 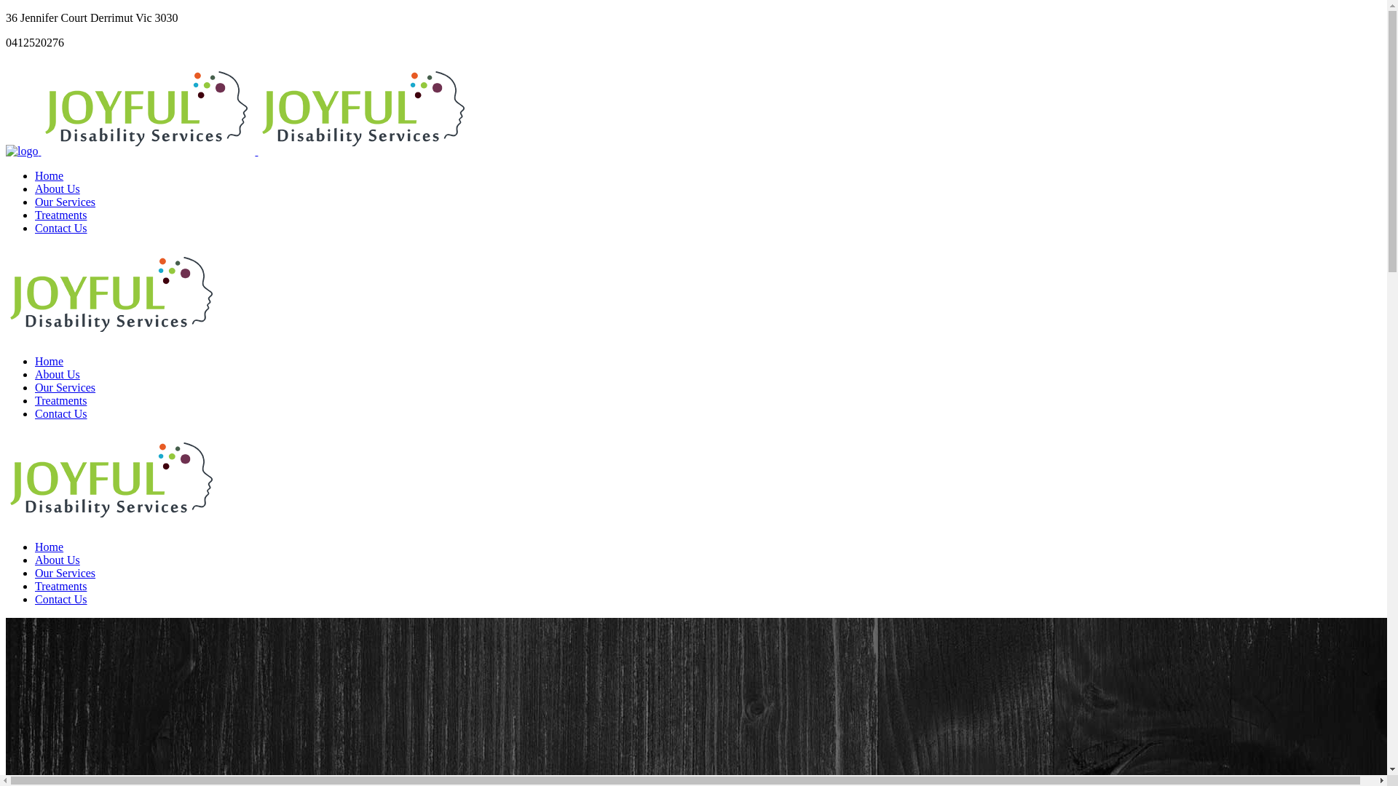 I want to click on 'Our Services', so click(x=64, y=202).